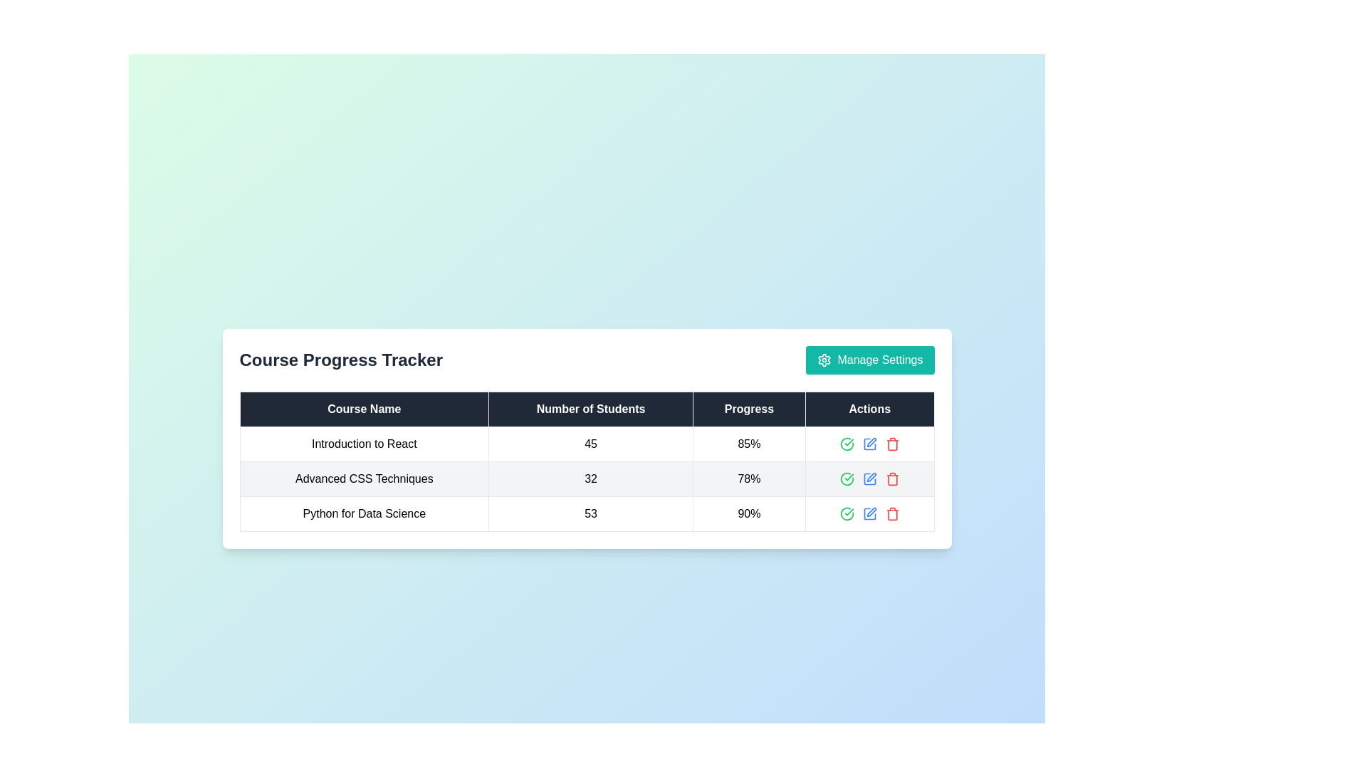 The width and height of the screenshot is (1367, 769). I want to click on the trash icon located, so click(891, 444).